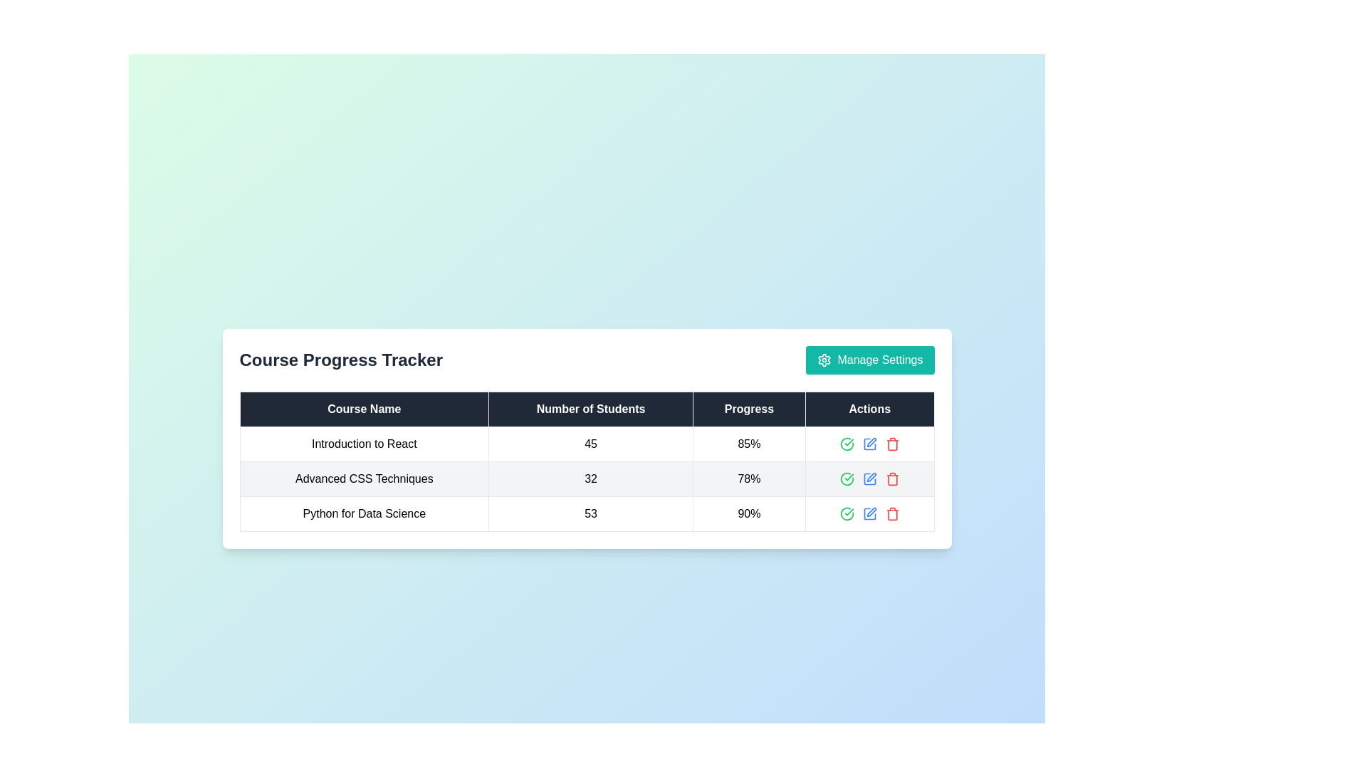 The width and height of the screenshot is (1367, 769). I want to click on the trash icon located, so click(891, 444).